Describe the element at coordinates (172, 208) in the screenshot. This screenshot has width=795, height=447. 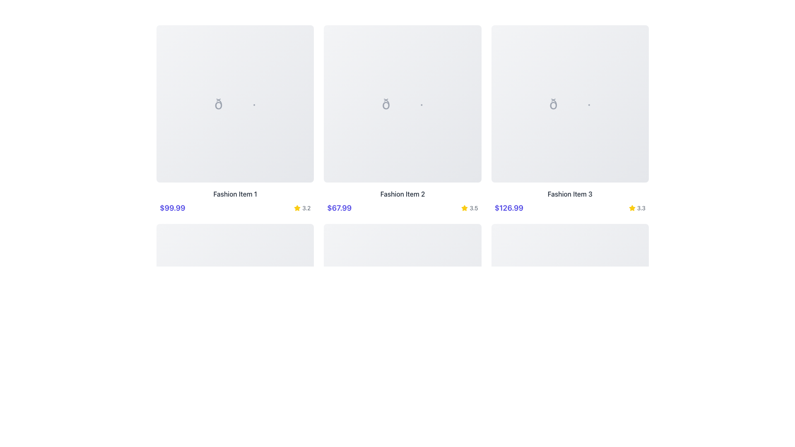
I see `the bold, indigo-colored label displaying '$99.99', which is located in the first column of a grid layout, directly below an image placeholder and above 'Fashion Item 1'` at that location.